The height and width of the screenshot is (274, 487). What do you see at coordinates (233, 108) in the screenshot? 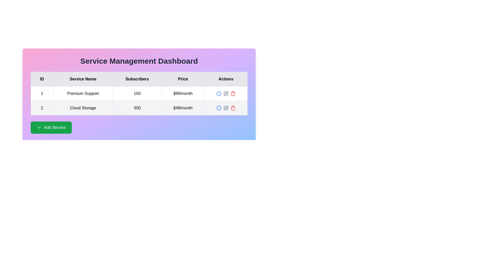
I see `the Trash Icon button, which is a trash can SVG element located in the 'Actions' column of the second row of the table, positioned between a pen icon and the table's right margin` at bounding box center [233, 108].